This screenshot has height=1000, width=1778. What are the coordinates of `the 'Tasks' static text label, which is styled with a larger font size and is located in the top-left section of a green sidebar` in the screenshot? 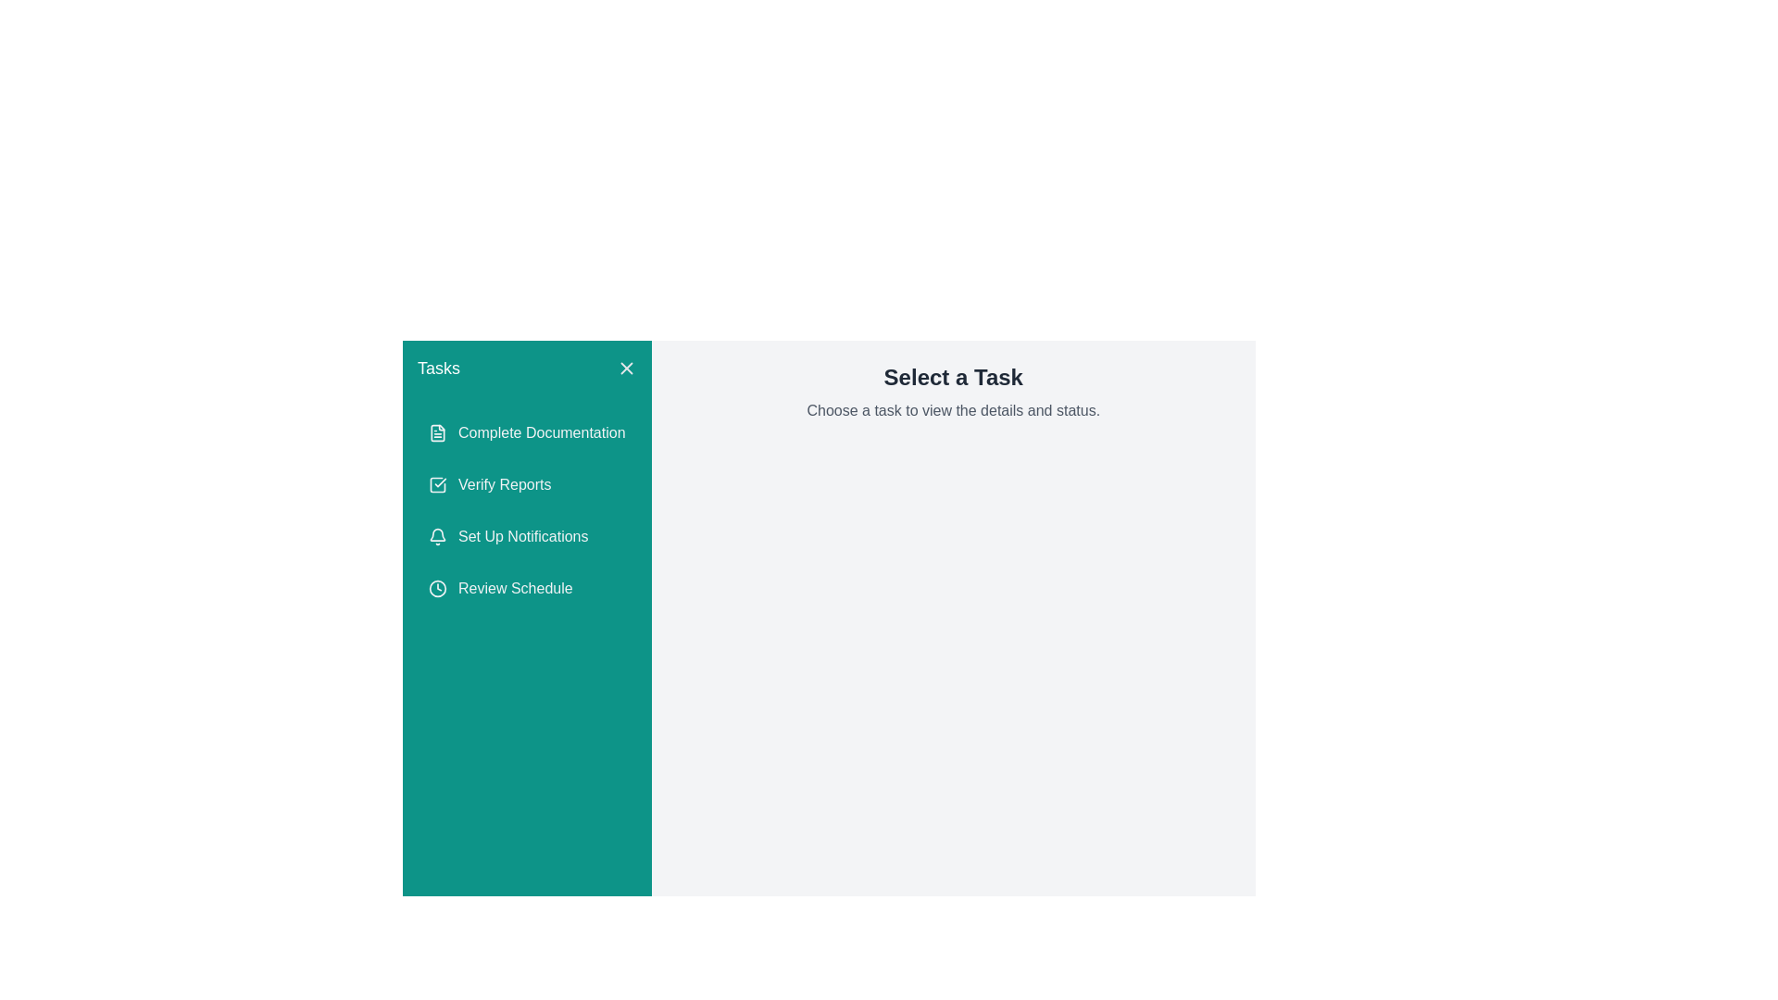 It's located at (438, 368).